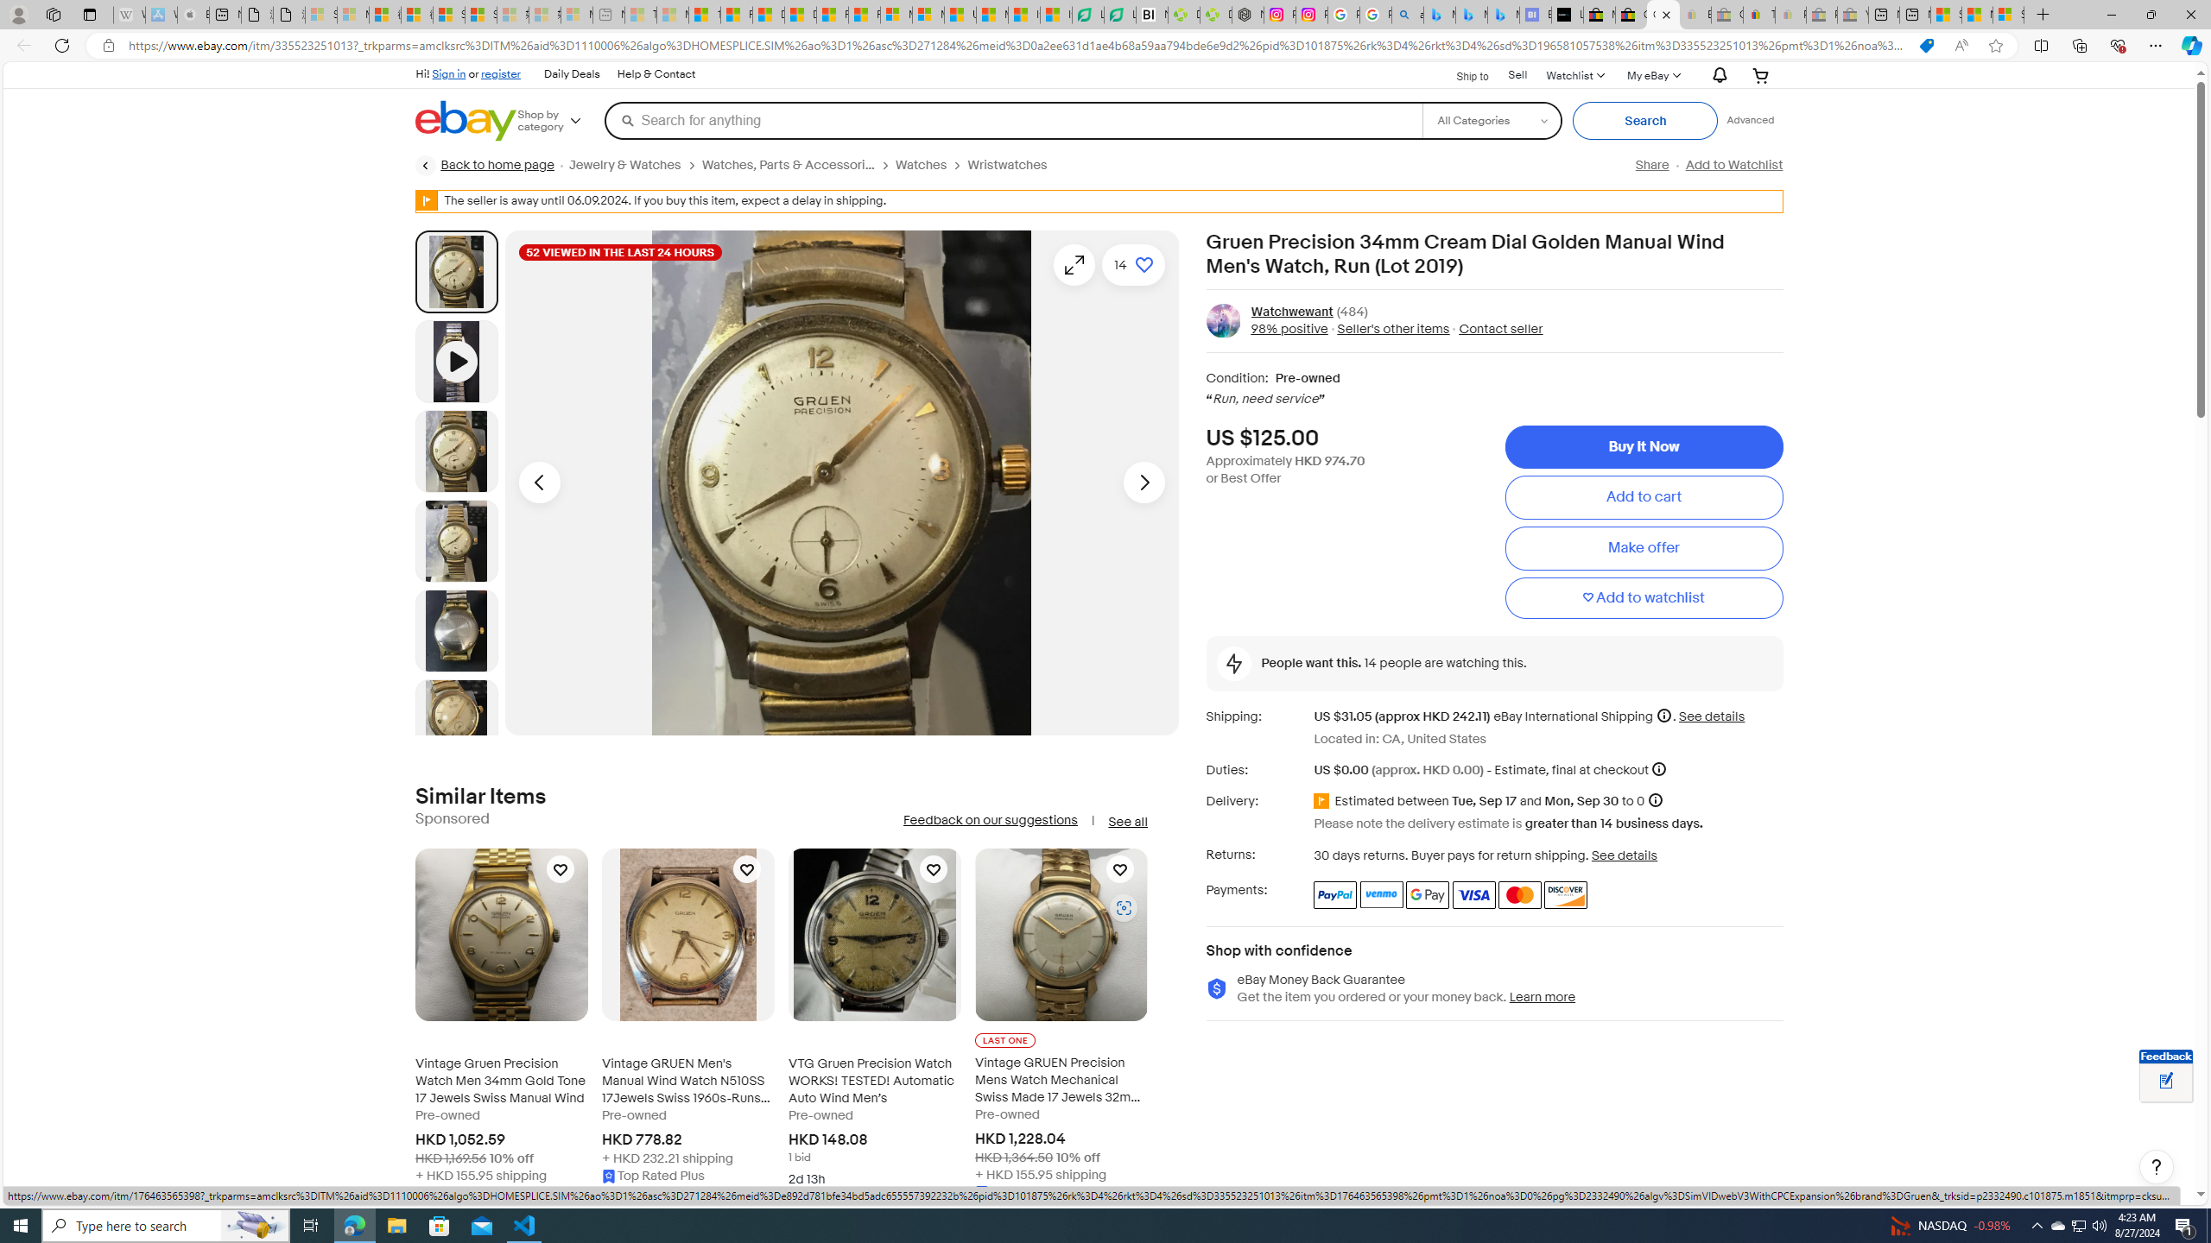 This screenshot has height=1243, width=2211. I want to click on 'Video 1 of 1', so click(455, 360).